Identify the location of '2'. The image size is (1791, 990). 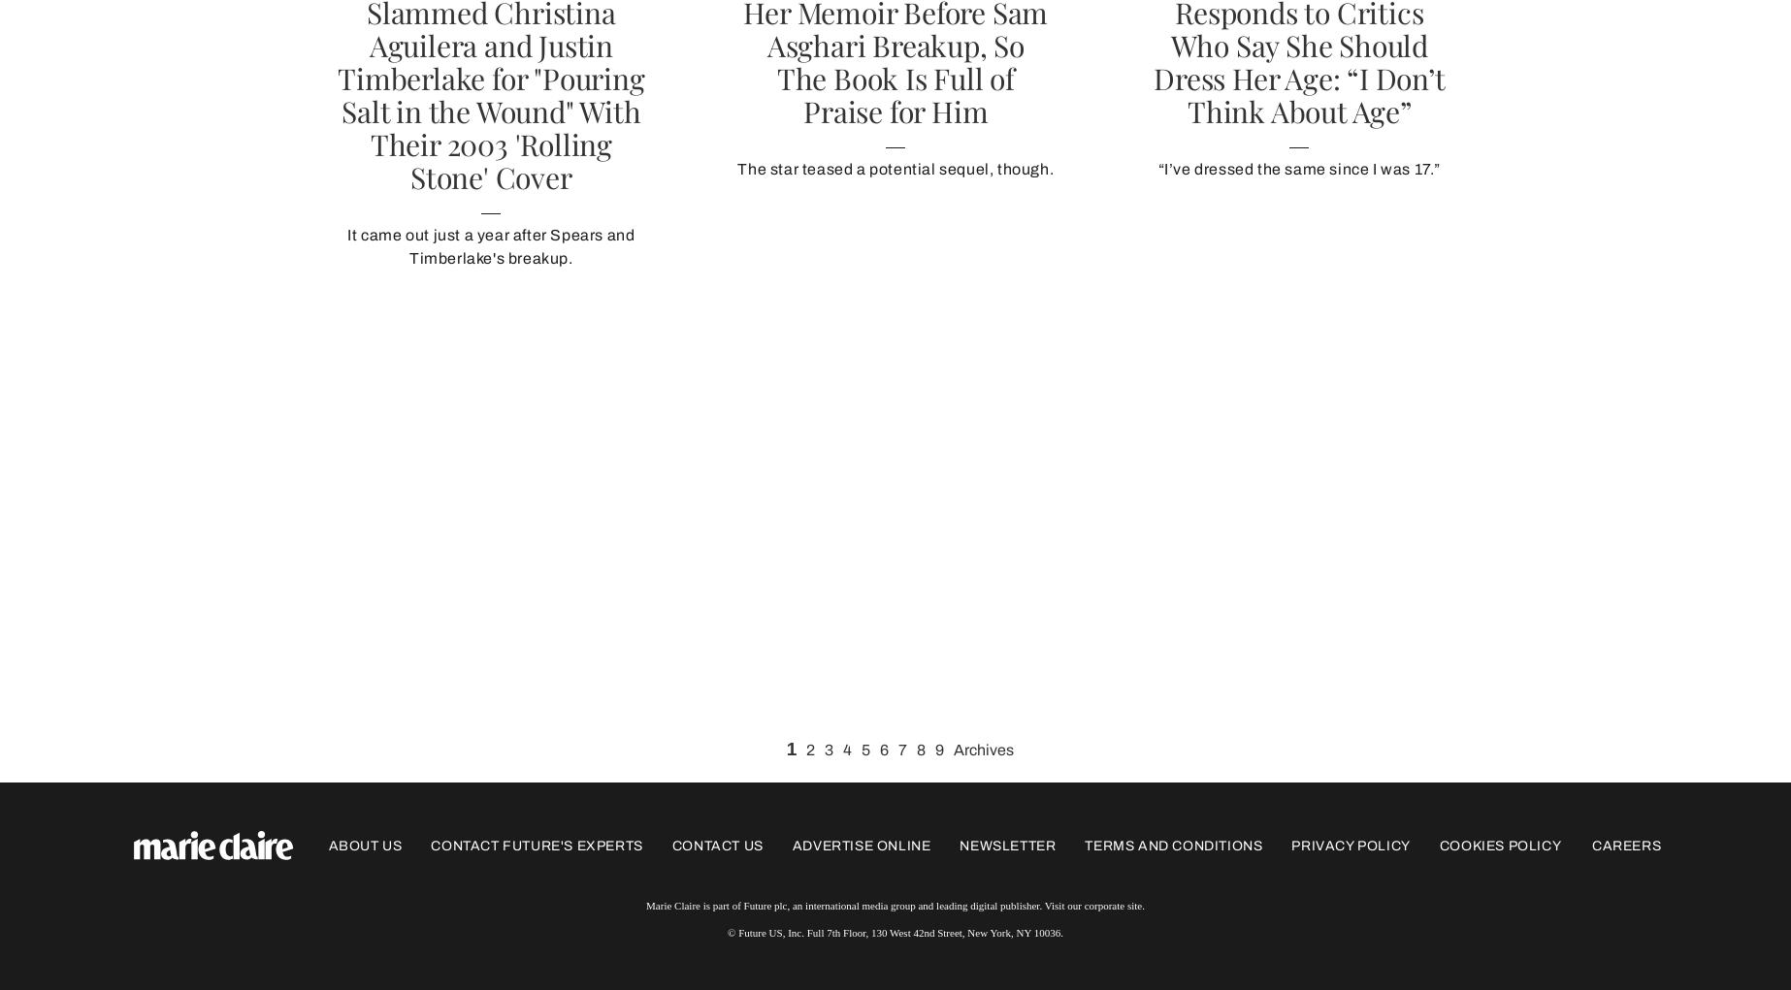
(805, 750).